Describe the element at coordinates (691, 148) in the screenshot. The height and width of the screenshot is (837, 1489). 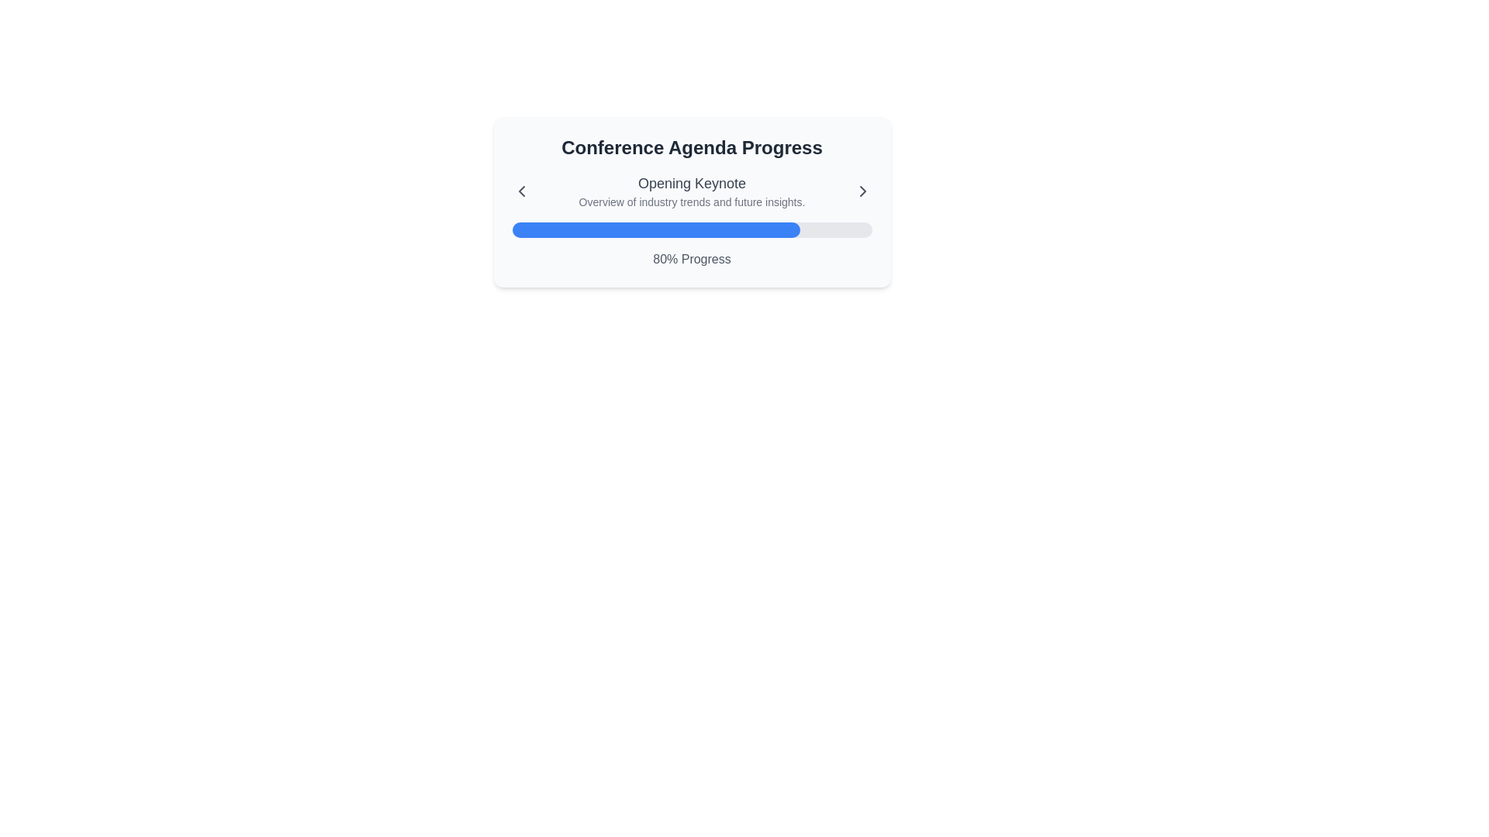
I see `the title or heading element located at the top center of the interface, which introduces the content and is positioned above the 'Opening Keynote' section` at that location.